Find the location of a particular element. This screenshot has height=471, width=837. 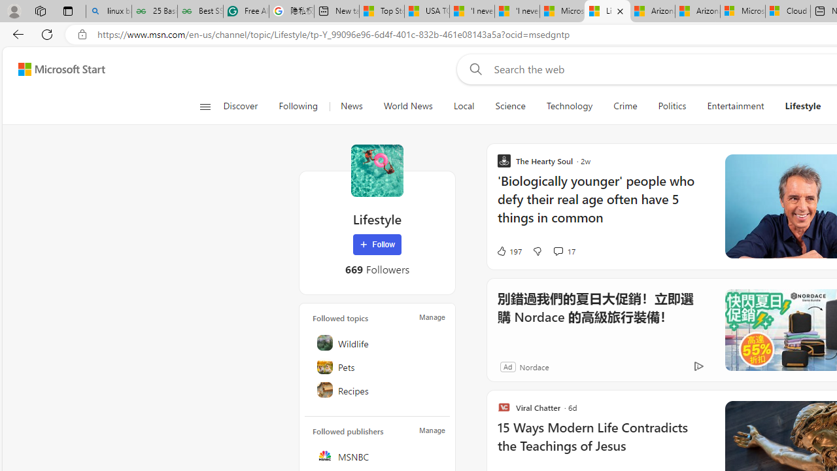

'Best SSL Certificates Provider in India - GeeksforGeeks' is located at coordinates (199, 11).